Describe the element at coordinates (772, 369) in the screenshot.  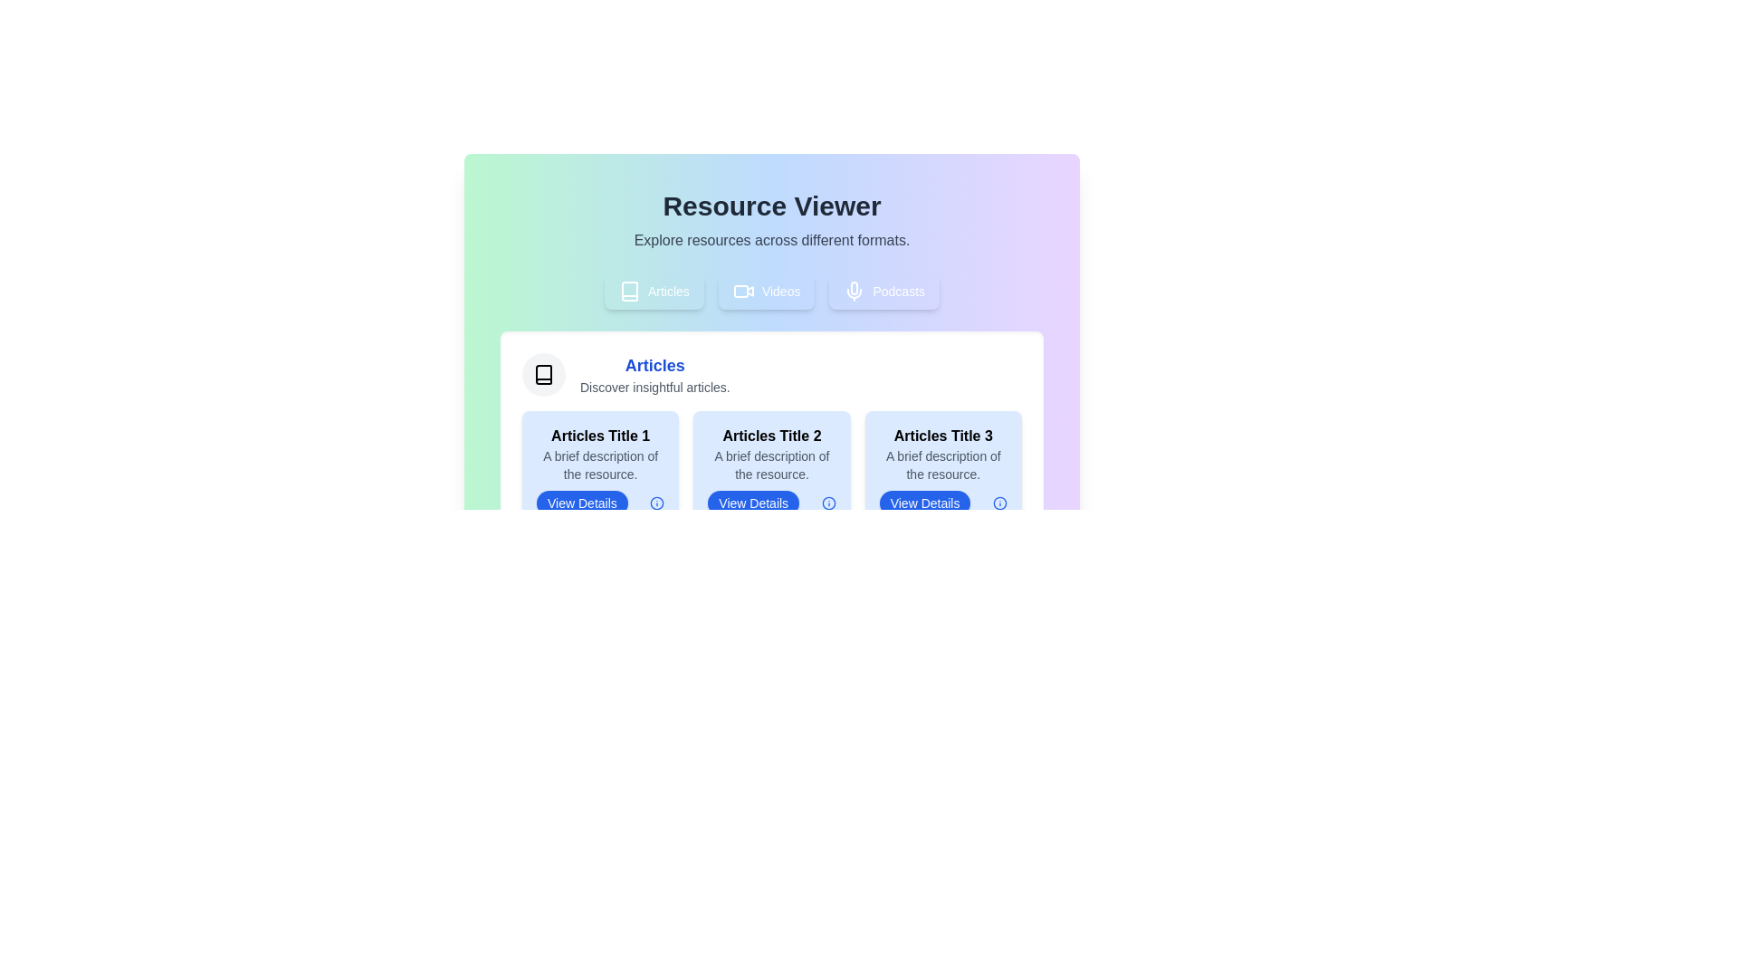
I see `the 'Articles' tab in the 'Resource Viewer' card to switch categories` at that location.